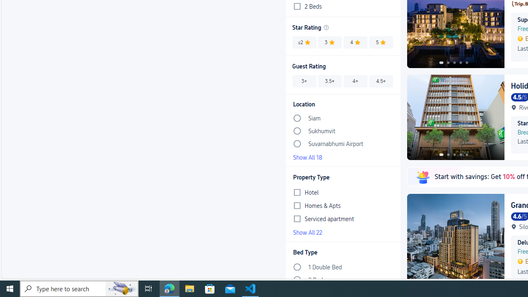 This screenshot has height=297, width=528. I want to click on '3+', so click(304, 81).